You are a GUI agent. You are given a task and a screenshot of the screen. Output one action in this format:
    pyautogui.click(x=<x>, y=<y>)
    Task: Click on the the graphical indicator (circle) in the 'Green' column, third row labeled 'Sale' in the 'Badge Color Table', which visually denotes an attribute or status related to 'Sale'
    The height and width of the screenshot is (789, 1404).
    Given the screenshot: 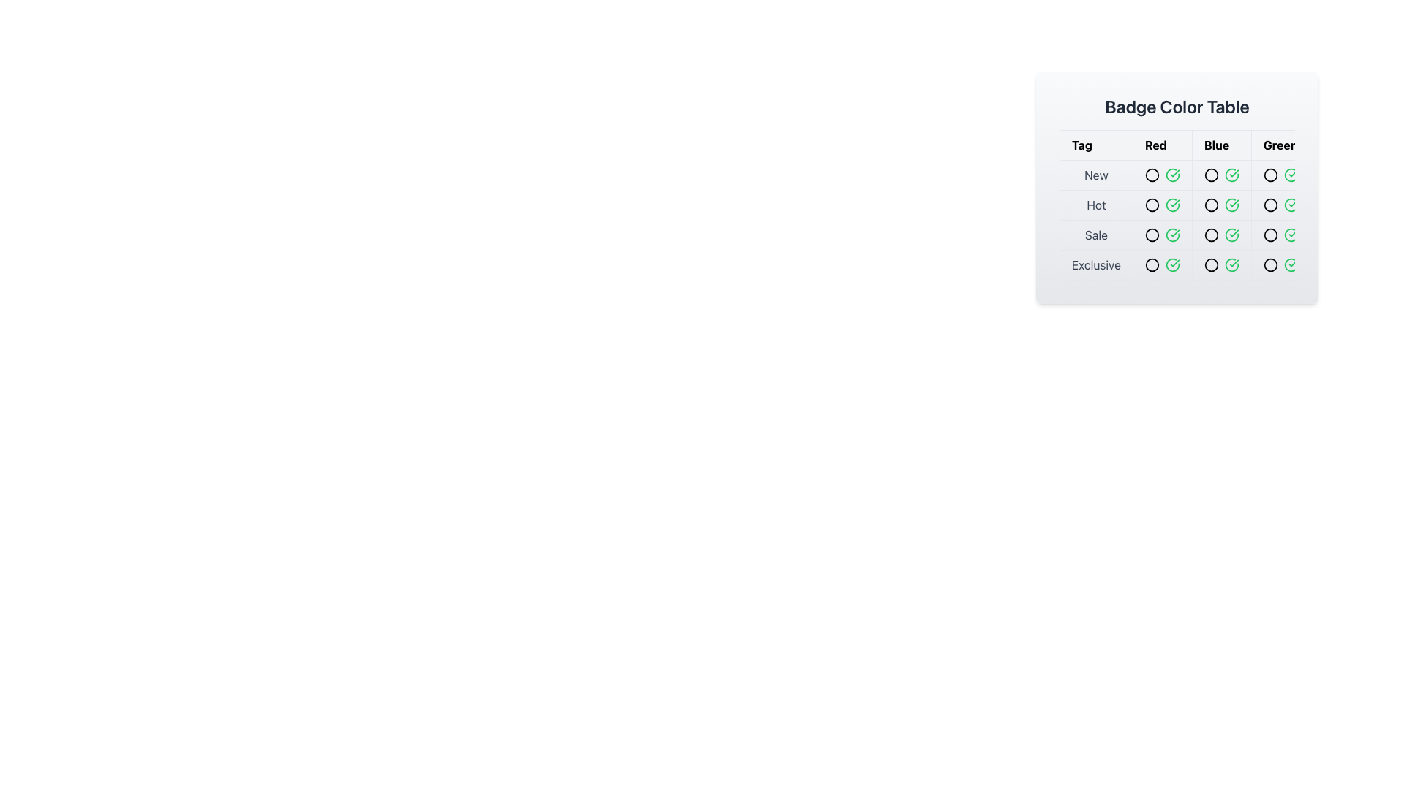 What is the action you would take?
    pyautogui.click(x=1269, y=234)
    